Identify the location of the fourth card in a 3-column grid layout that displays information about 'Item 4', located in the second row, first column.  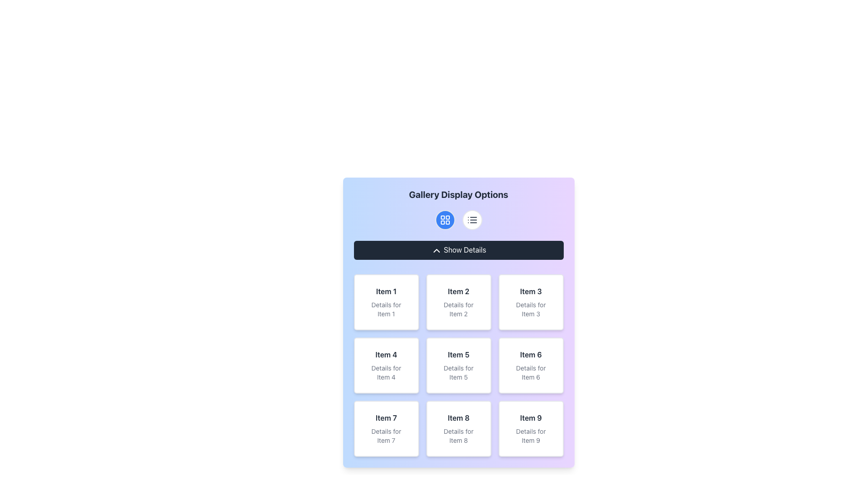
(386, 365).